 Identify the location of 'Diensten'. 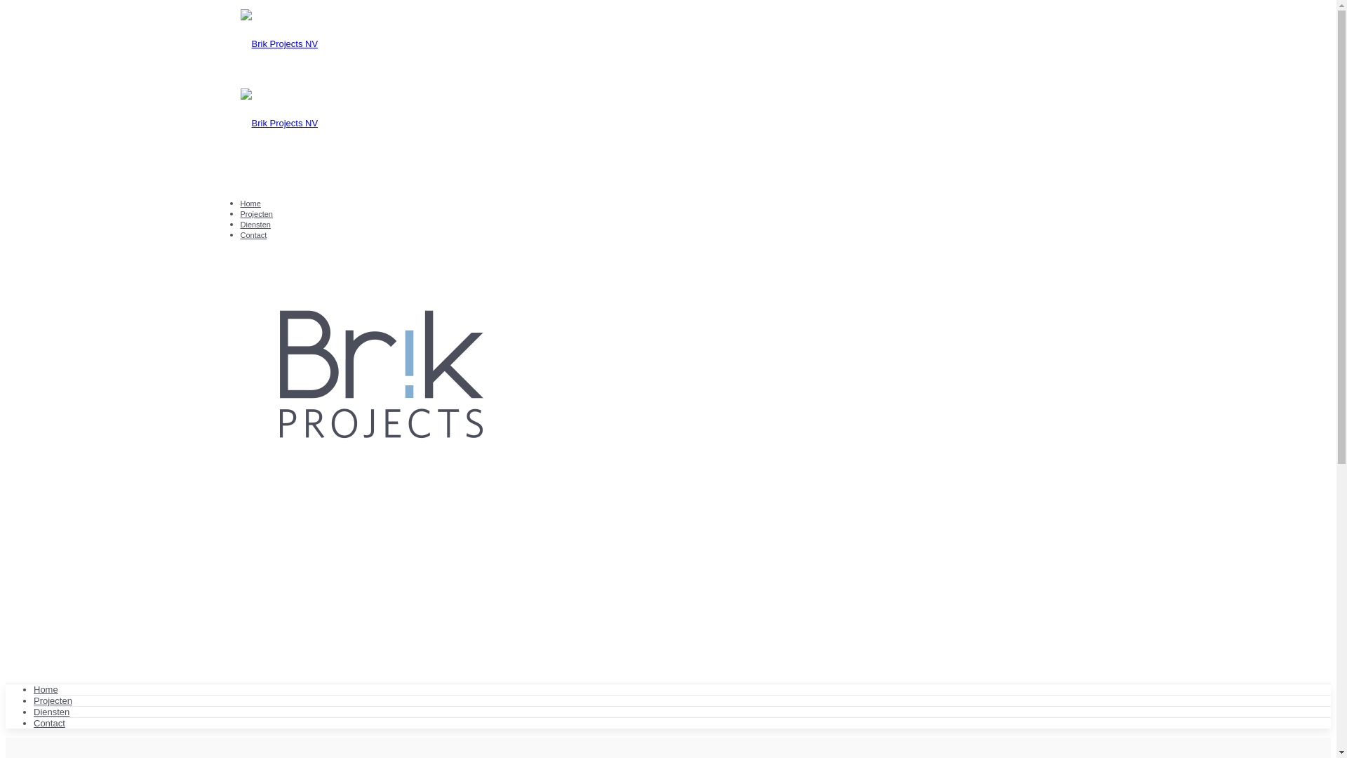
(255, 224).